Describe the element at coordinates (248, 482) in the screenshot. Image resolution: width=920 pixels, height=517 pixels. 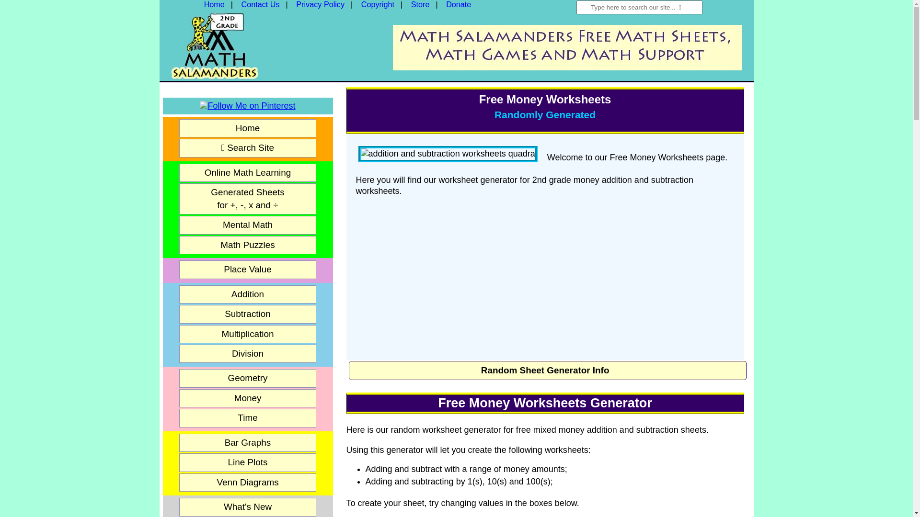
I see `'Venn Diagrams'` at that location.